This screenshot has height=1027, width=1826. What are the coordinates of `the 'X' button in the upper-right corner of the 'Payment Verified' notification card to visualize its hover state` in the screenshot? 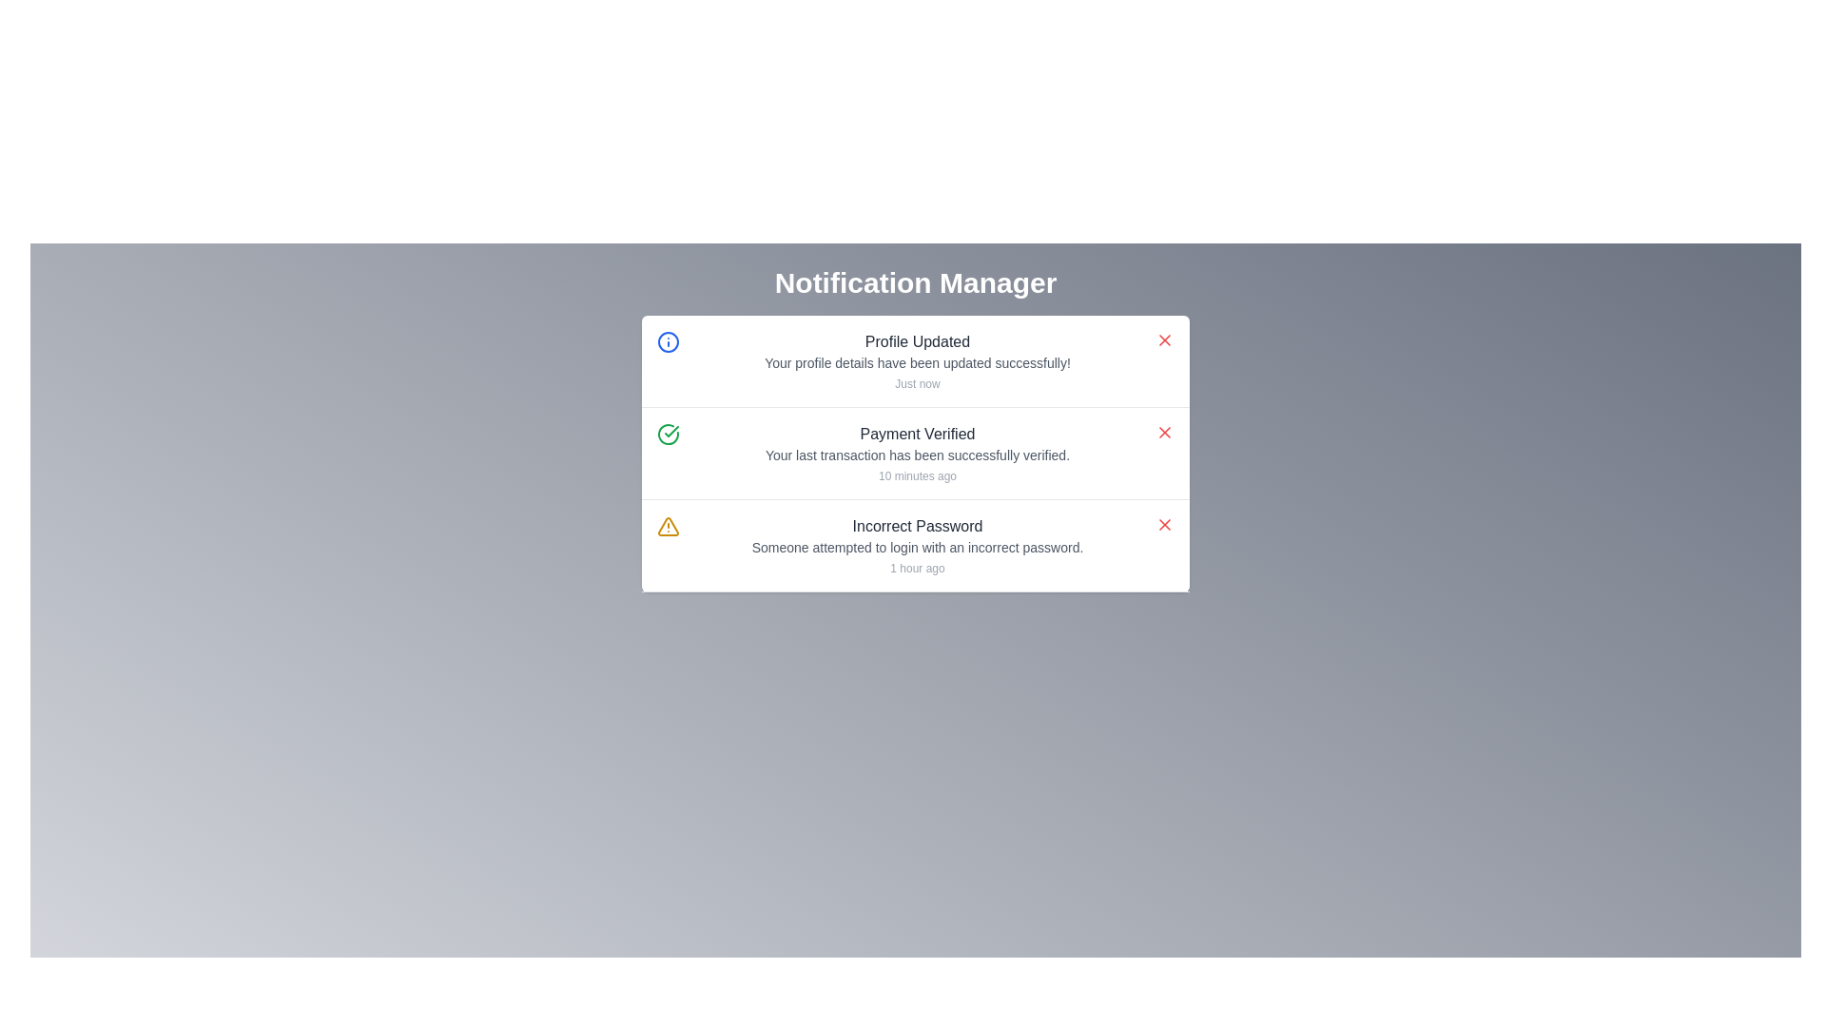 It's located at (1163, 433).